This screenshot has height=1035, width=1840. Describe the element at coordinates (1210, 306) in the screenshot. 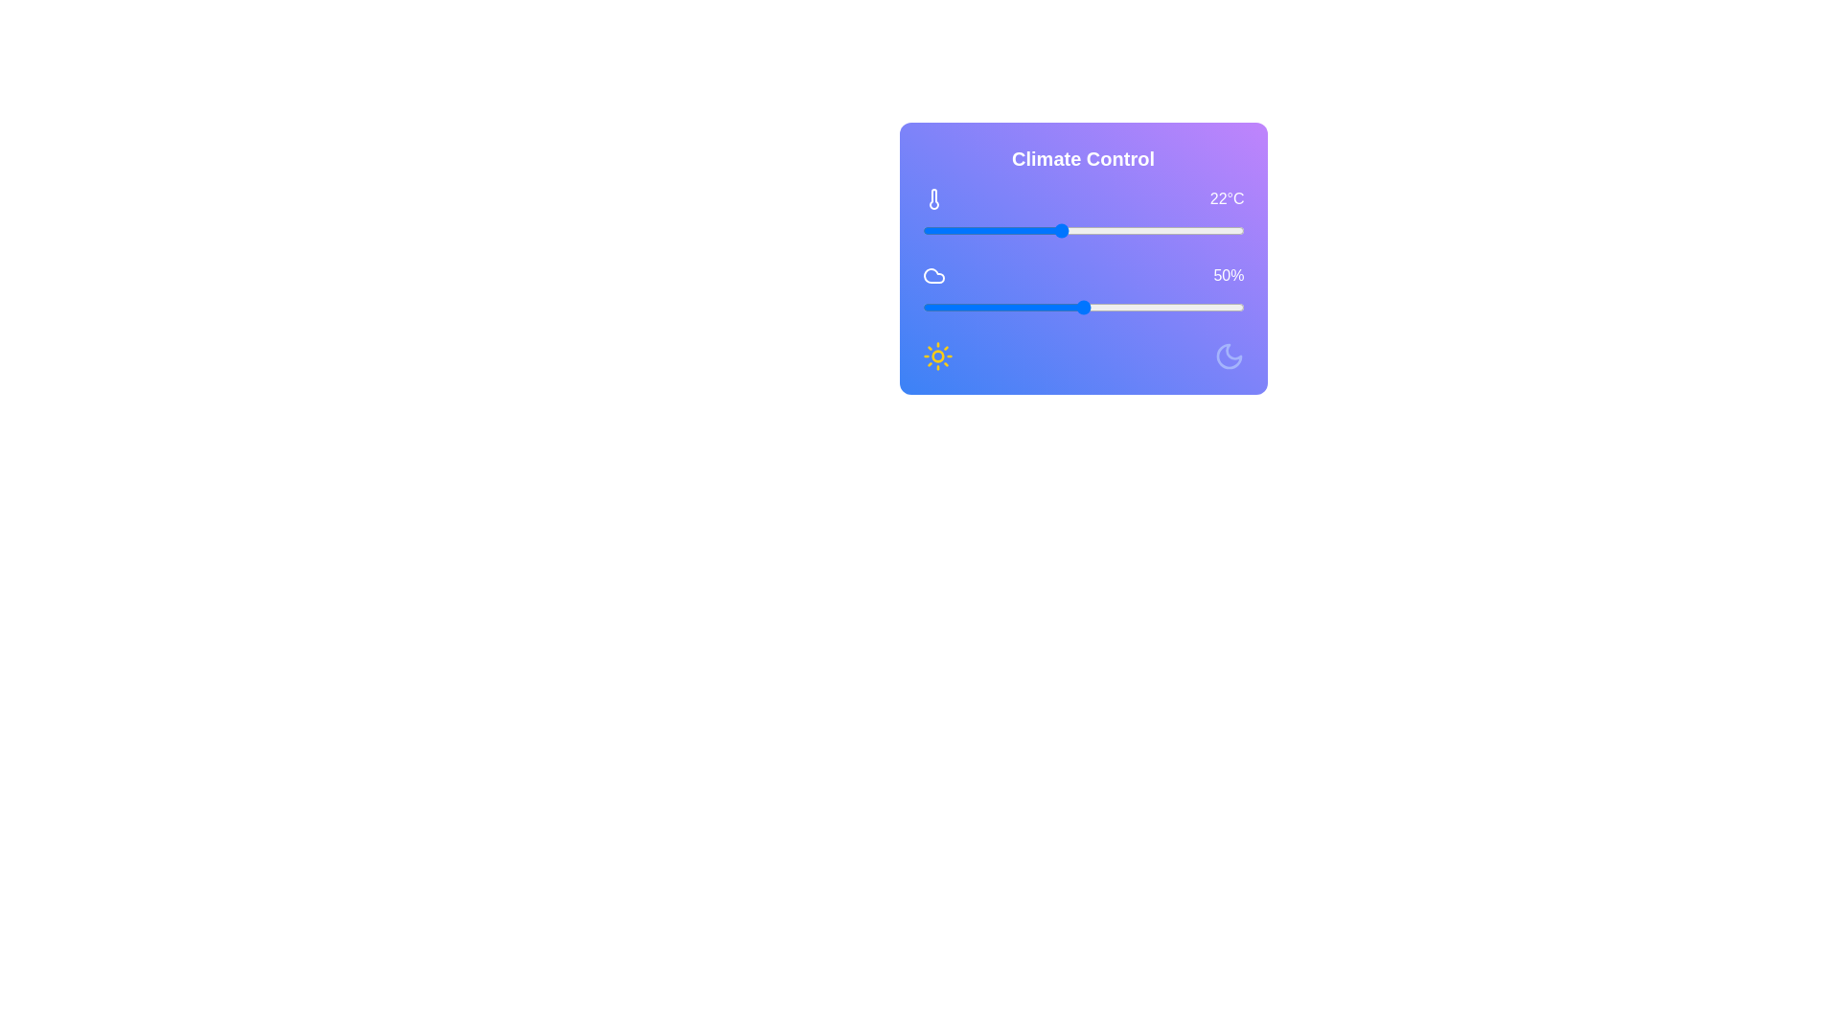

I see `the slider value` at that location.